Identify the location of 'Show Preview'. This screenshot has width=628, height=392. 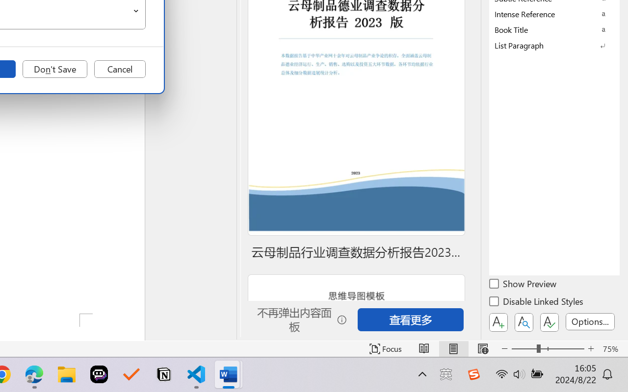
(523, 285).